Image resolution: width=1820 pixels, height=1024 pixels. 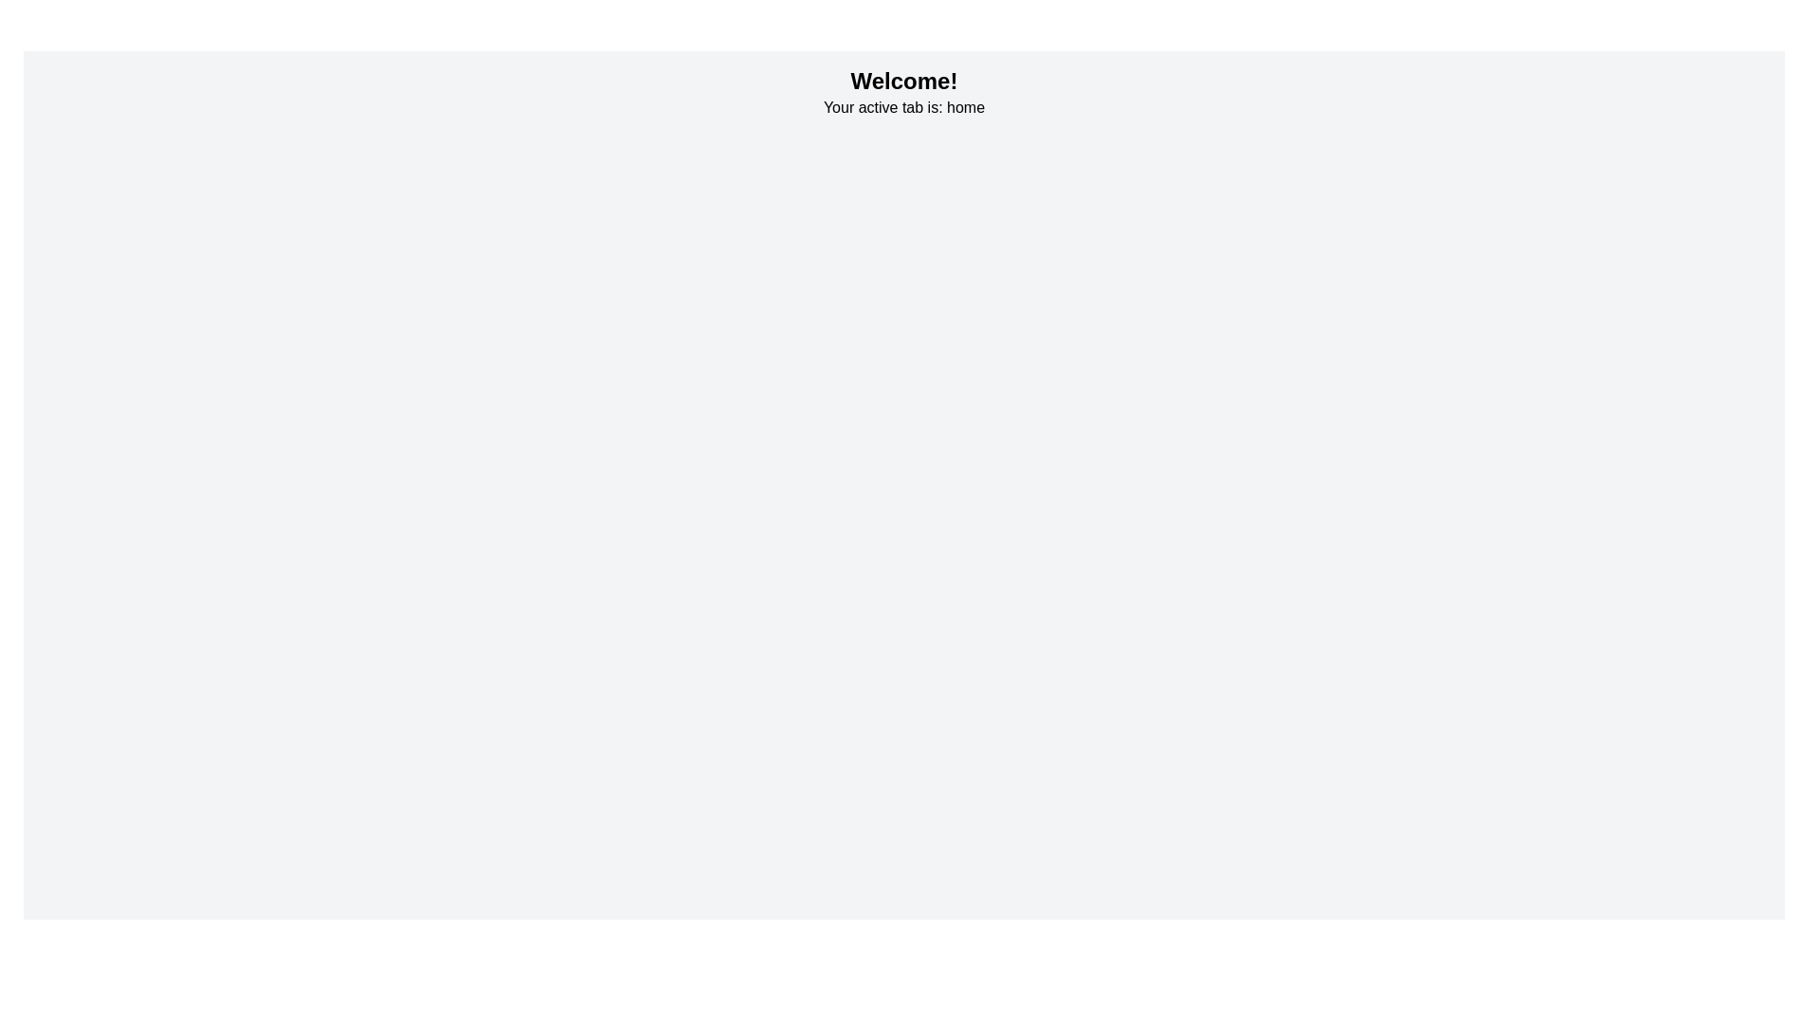 I want to click on the welcoming message text element located at the top of the interface, above the 'Your active tab is: home' text, so click(x=903, y=80).